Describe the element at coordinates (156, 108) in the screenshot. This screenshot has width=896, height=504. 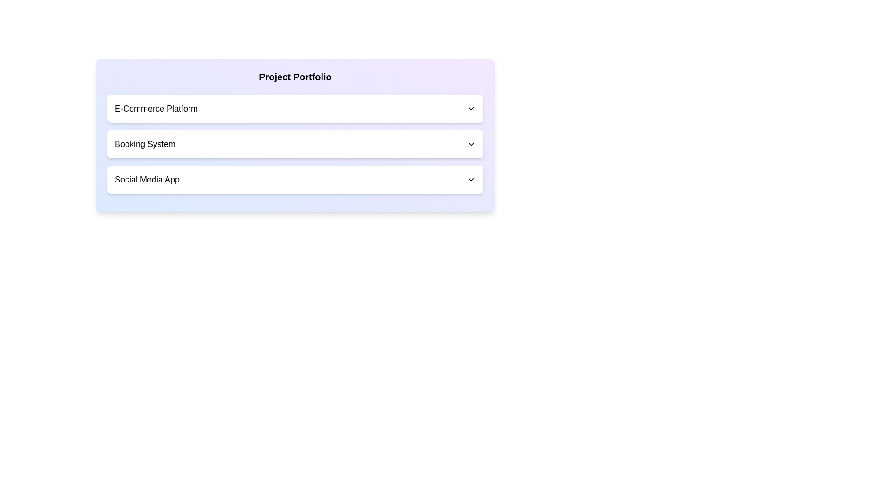
I see `the text label displaying 'E-Commerce Platform', which is a modern, sans-serif font text label in black color, located at the top of the selectable options in a horizontal flexbox layout` at that location.